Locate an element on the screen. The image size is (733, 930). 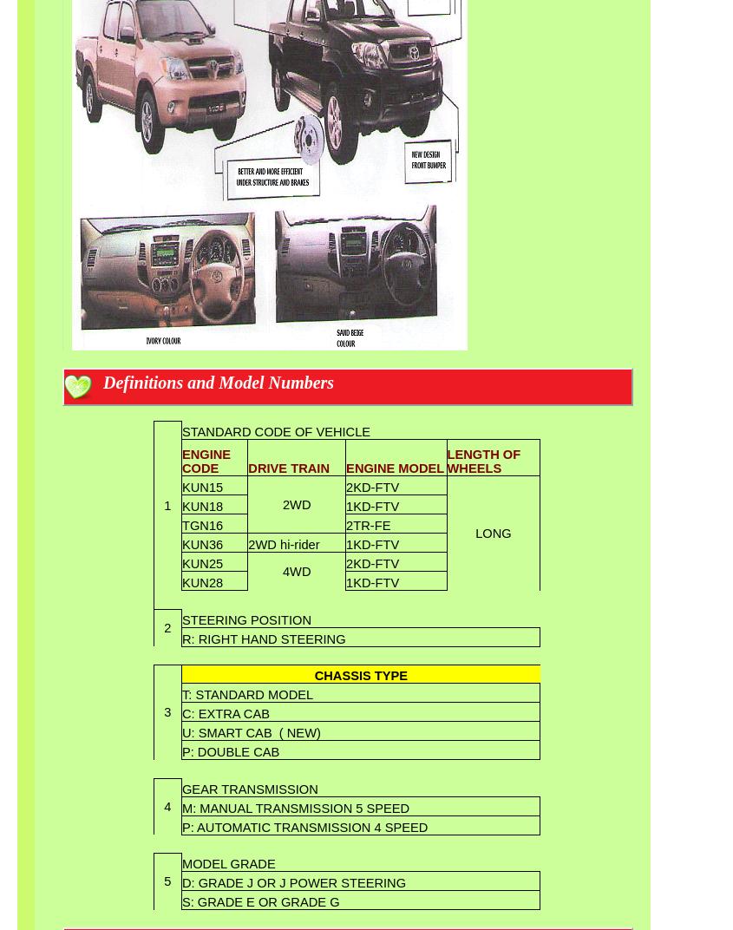
'C: EXTRA CAB' is located at coordinates (225, 712).